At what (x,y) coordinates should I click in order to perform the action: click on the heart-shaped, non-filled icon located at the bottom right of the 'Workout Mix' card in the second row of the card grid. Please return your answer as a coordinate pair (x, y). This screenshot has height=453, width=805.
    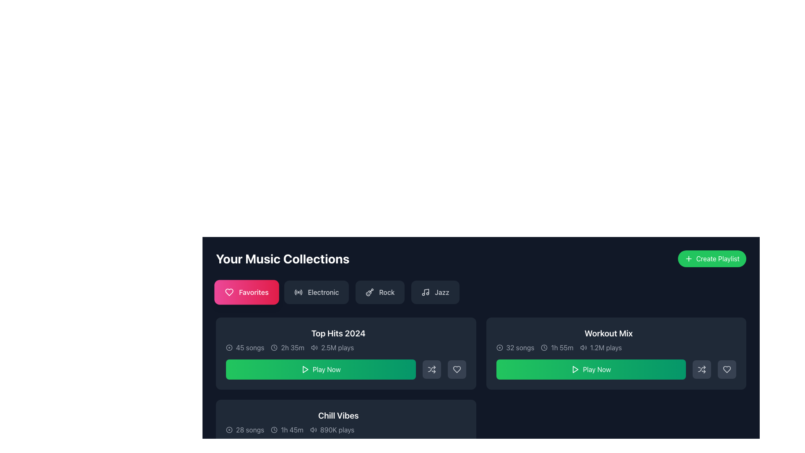
    Looking at the image, I should click on (456, 369).